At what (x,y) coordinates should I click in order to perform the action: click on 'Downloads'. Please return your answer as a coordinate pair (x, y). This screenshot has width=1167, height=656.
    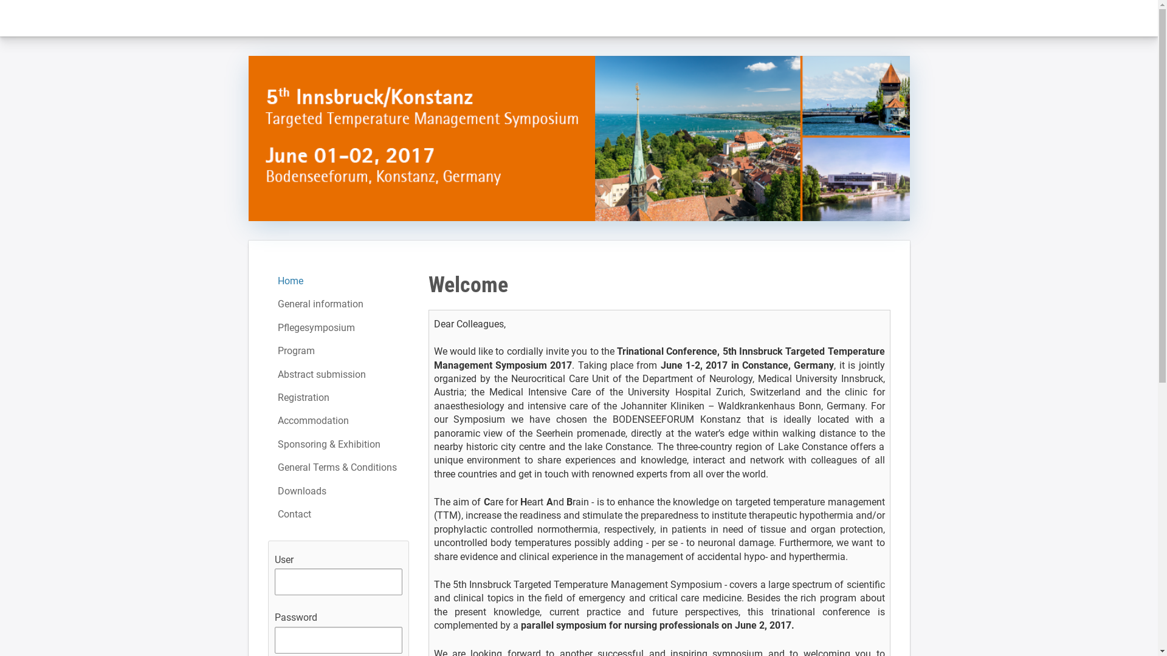
    Looking at the image, I should click on (338, 491).